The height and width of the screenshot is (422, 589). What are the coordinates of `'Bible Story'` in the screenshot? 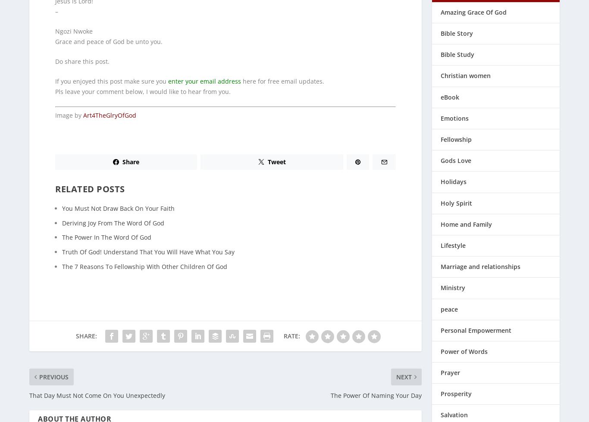 It's located at (456, 28).